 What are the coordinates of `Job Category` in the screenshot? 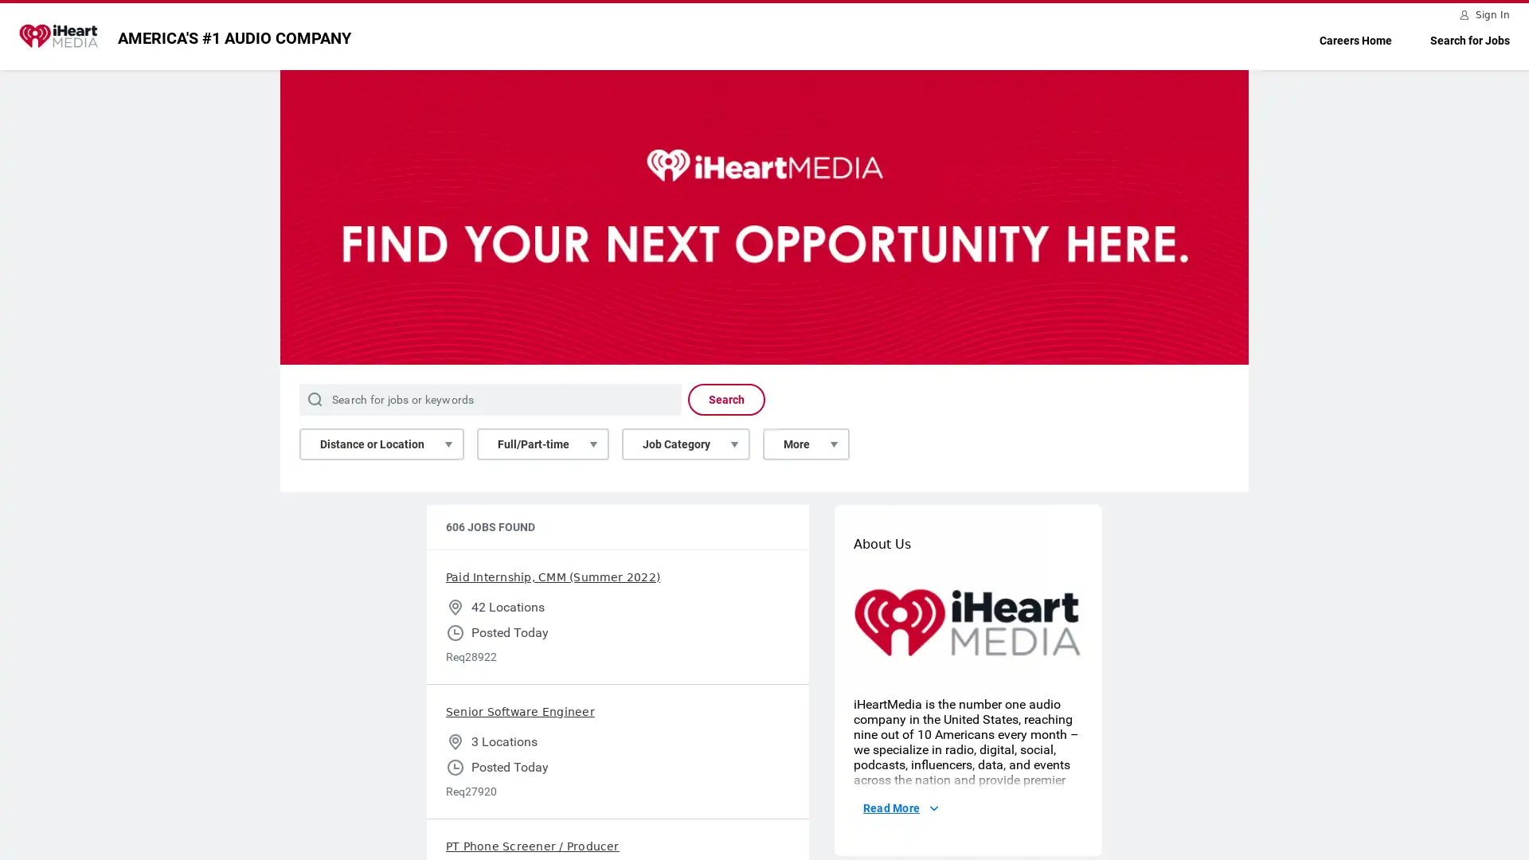 It's located at (686, 444).